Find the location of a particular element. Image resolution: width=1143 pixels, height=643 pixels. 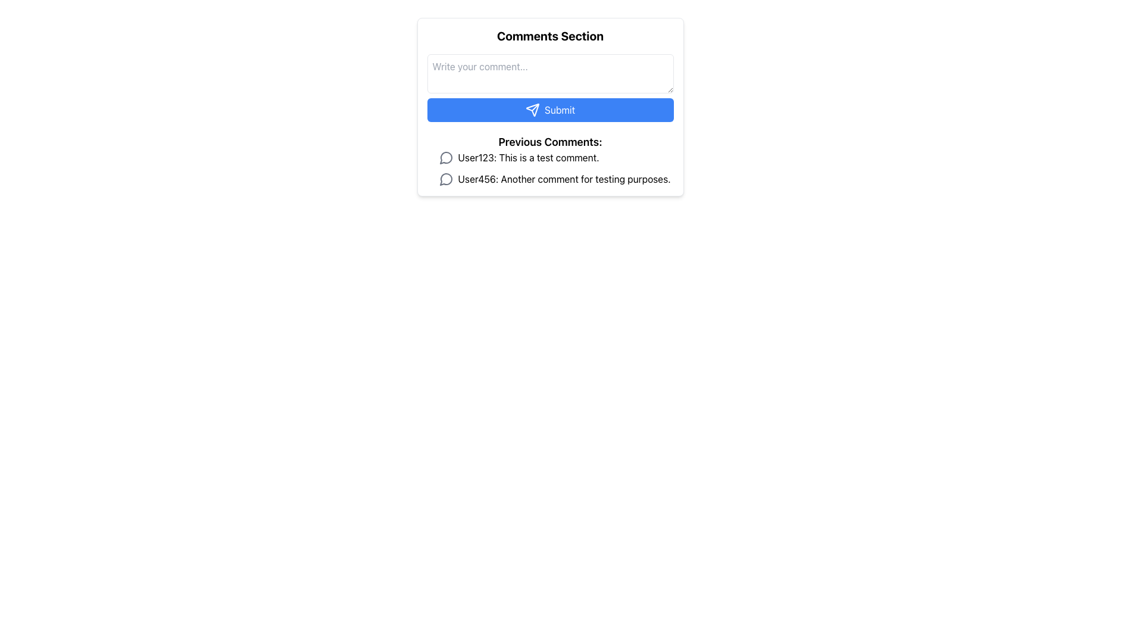

the speech bubble icon indicating comments associated with 'User456: Another comment for testing purposes.' is located at coordinates (445, 179).